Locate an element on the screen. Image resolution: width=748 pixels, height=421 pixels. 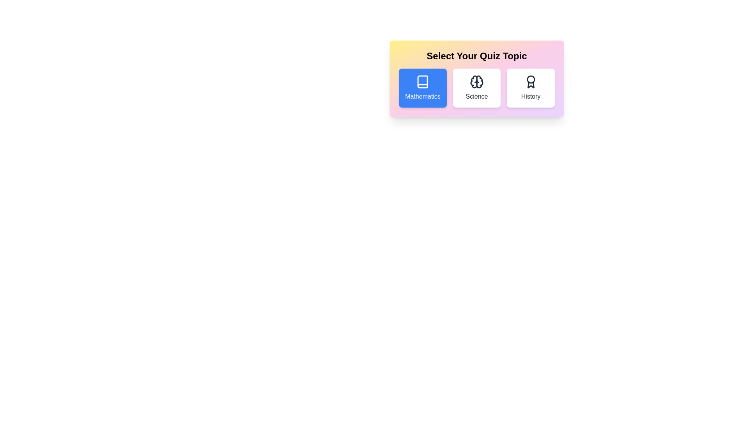
the quiz category History by clicking on its respective tile is located at coordinates (530, 88).